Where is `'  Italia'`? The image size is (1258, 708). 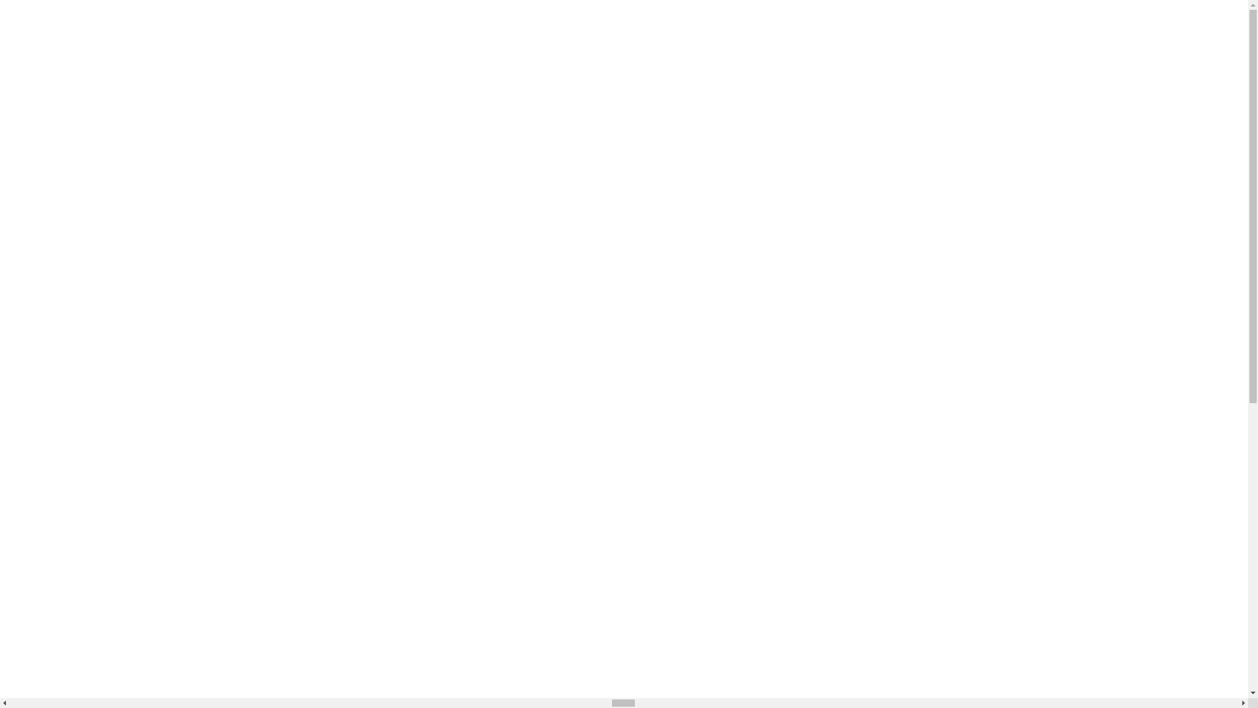 '  Italia' is located at coordinates (398, 252).